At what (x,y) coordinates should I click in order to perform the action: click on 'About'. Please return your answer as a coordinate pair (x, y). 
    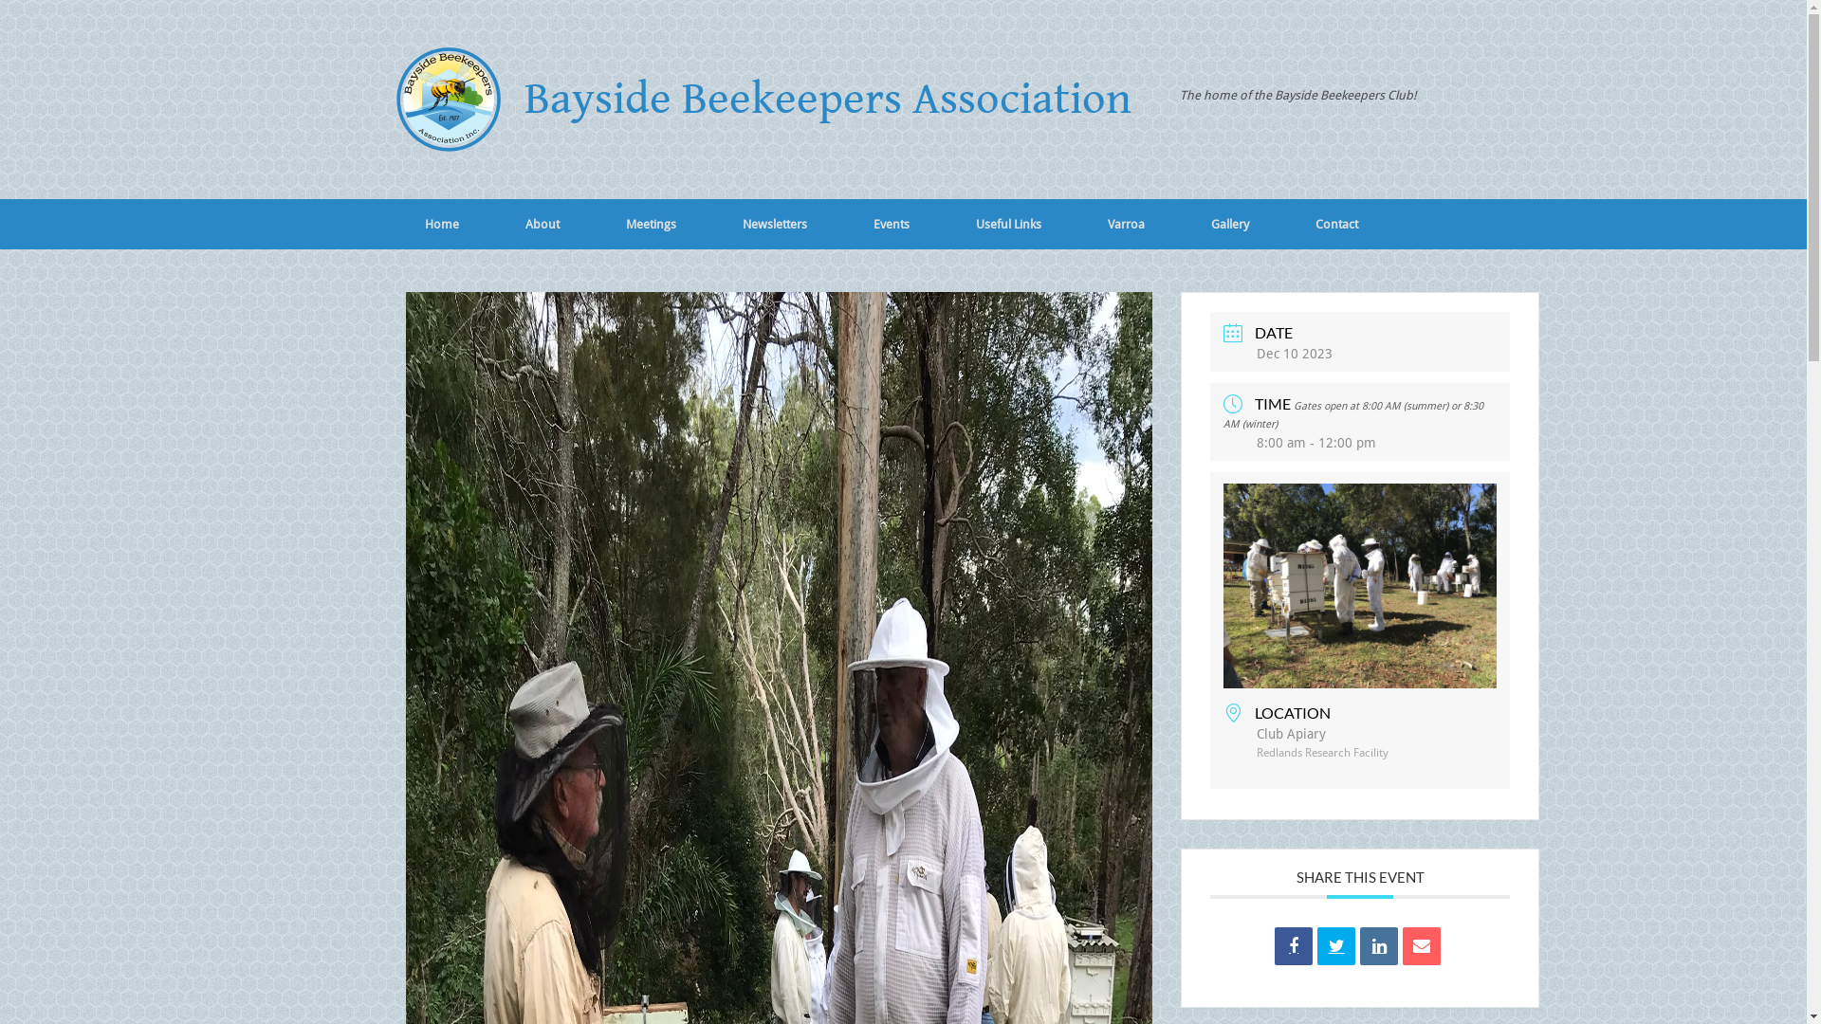
    Looking at the image, I should click on (541, 223).